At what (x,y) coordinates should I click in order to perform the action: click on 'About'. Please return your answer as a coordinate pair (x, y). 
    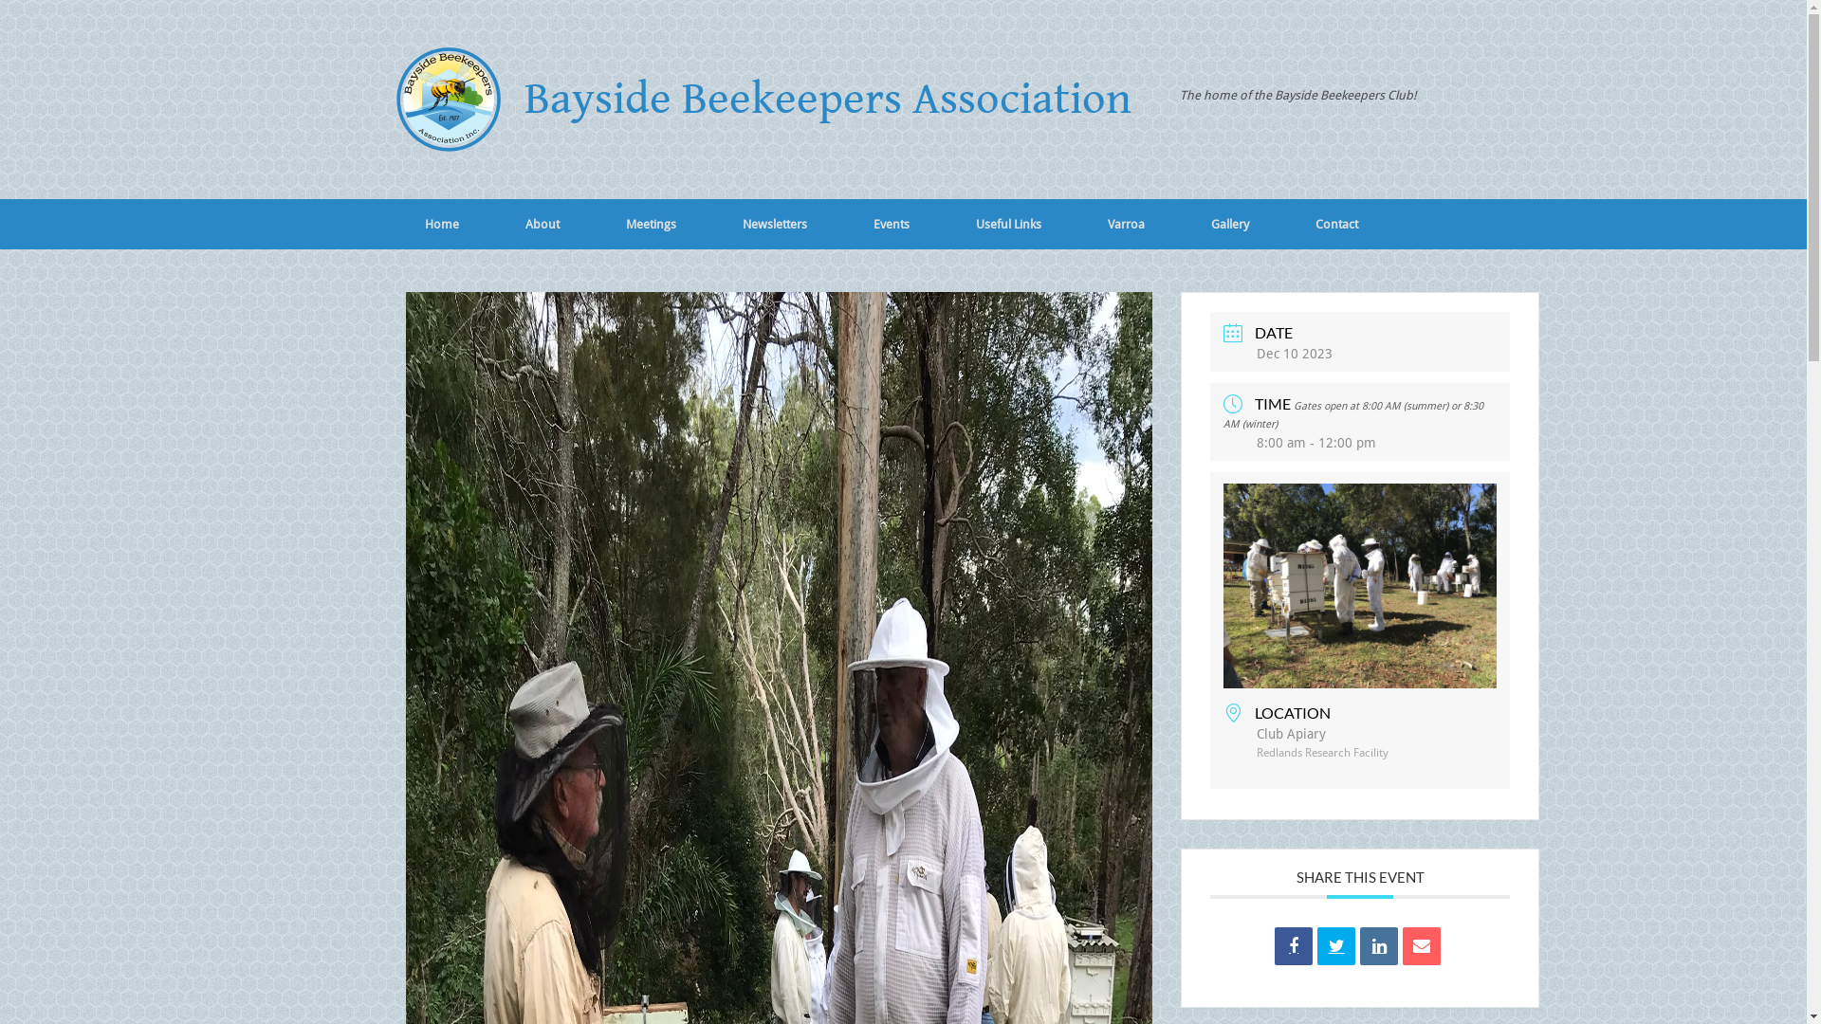
    Looking at the image, I should click on (541, 223).